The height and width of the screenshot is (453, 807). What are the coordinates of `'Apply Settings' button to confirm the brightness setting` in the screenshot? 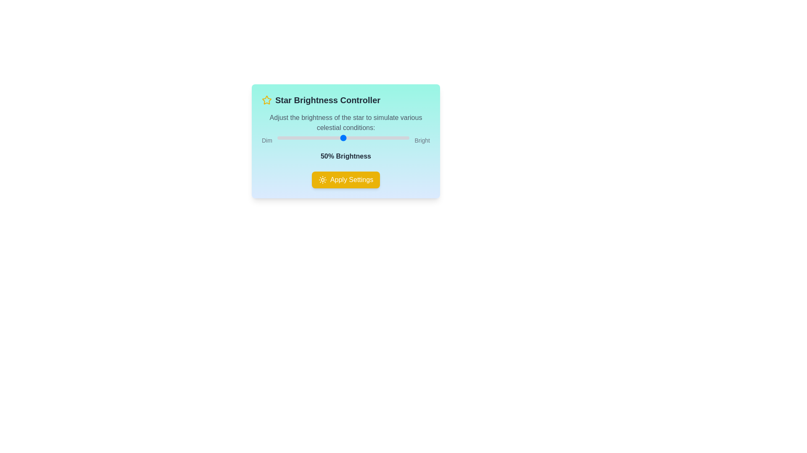 It's located at (345, 179).